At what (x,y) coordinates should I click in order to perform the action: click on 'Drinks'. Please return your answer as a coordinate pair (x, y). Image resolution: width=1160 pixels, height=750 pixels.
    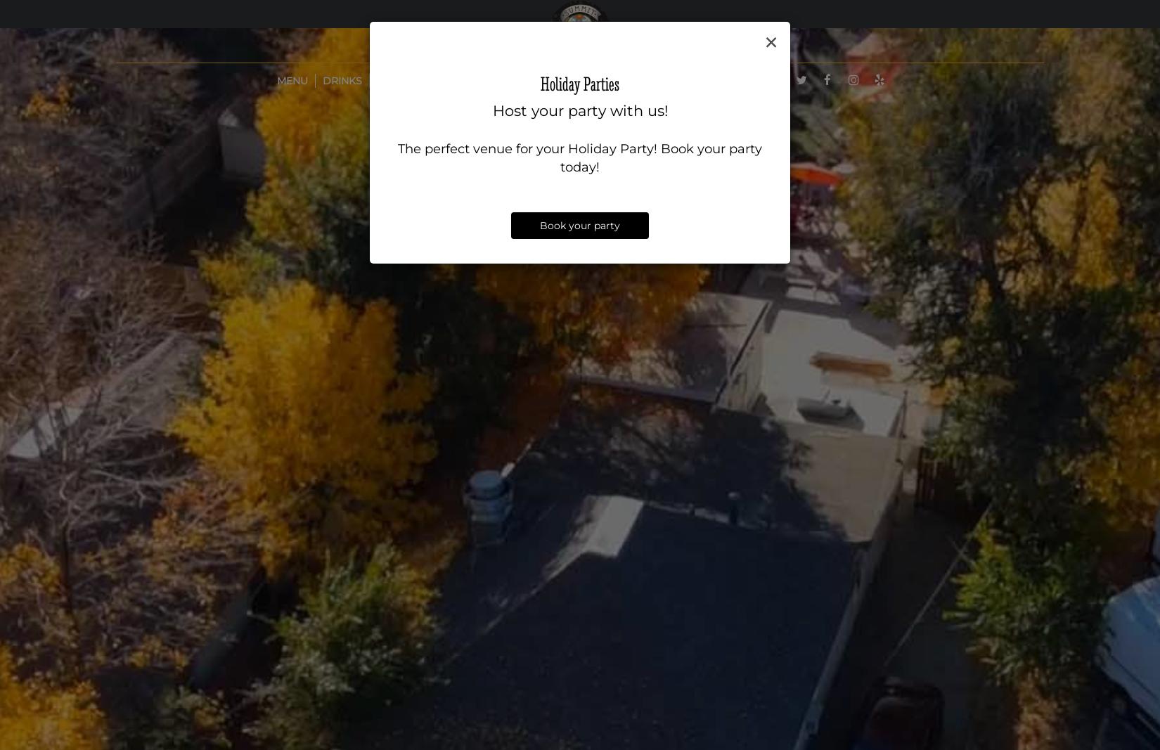
    Looking at the image, I should click on (340, 80).